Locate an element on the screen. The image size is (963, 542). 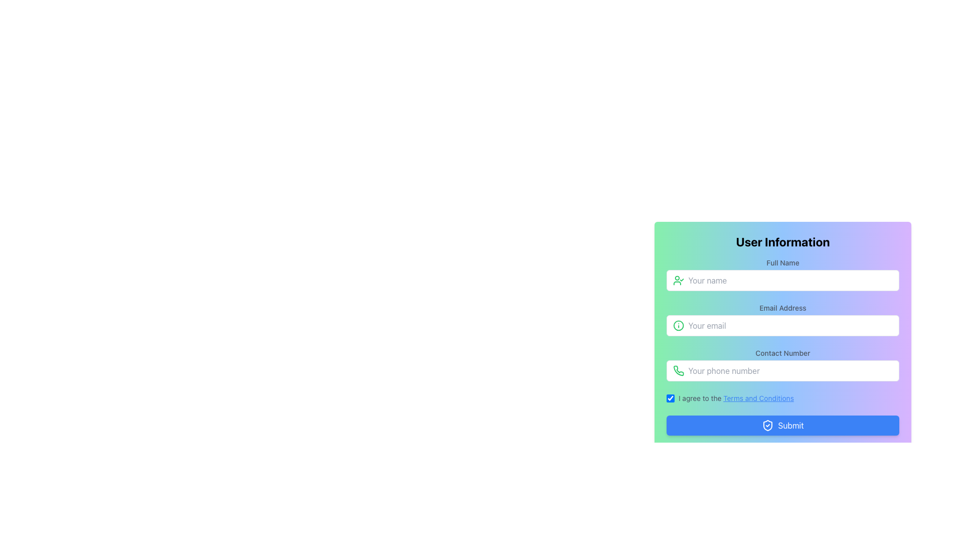
the 'Terms and Conditions' link associated with the checkbox labeled 'I agree to the Terms and Conditions' is located at coordinates (782, 398).